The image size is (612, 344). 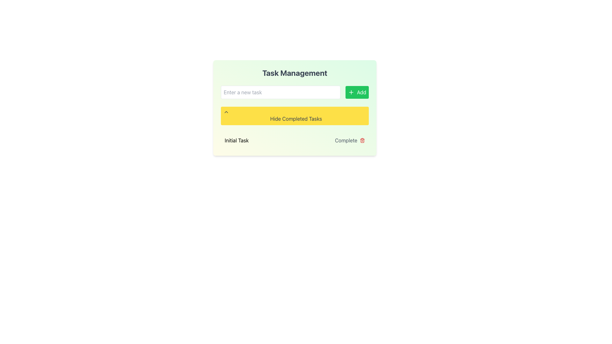 I want to click on the trash bin icon button located at the bottom-right corner of the 'Initial Task' in the task management interface, so click(x=362, y=140).